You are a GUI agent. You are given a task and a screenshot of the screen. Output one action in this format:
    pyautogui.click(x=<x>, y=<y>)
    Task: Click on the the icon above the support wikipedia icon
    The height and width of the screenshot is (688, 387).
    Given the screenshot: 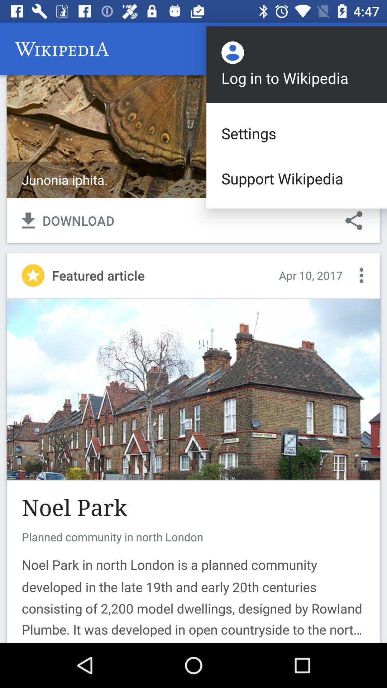 What is the action you would take?
    pyautogui.click(x=297, y=133)
    